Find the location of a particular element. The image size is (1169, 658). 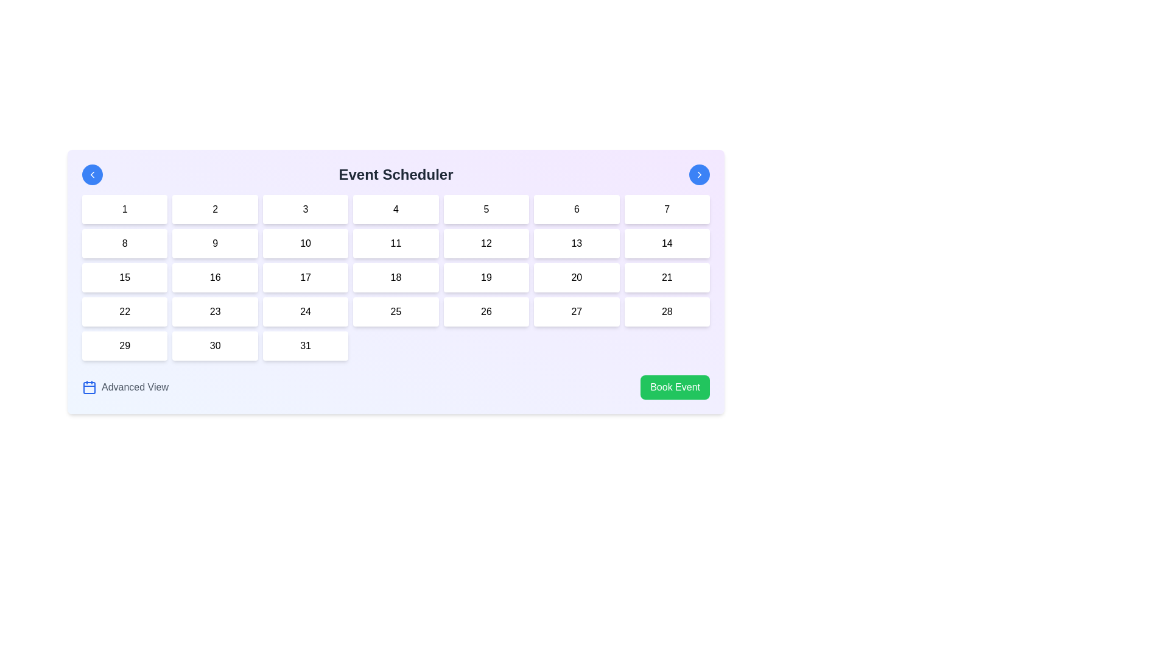

the interactive button representing the value '7' is located at coordinates (666, 208).